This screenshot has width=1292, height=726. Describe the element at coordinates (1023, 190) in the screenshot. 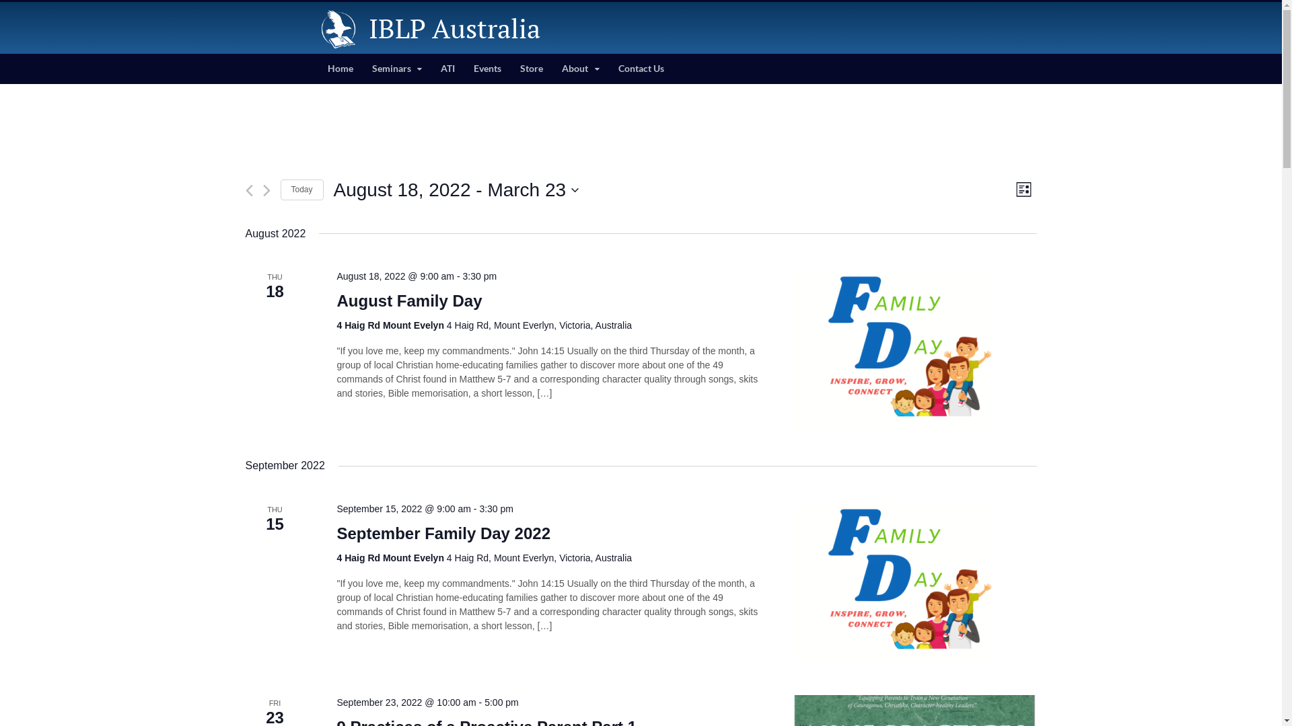

I see `'List'` at that location.